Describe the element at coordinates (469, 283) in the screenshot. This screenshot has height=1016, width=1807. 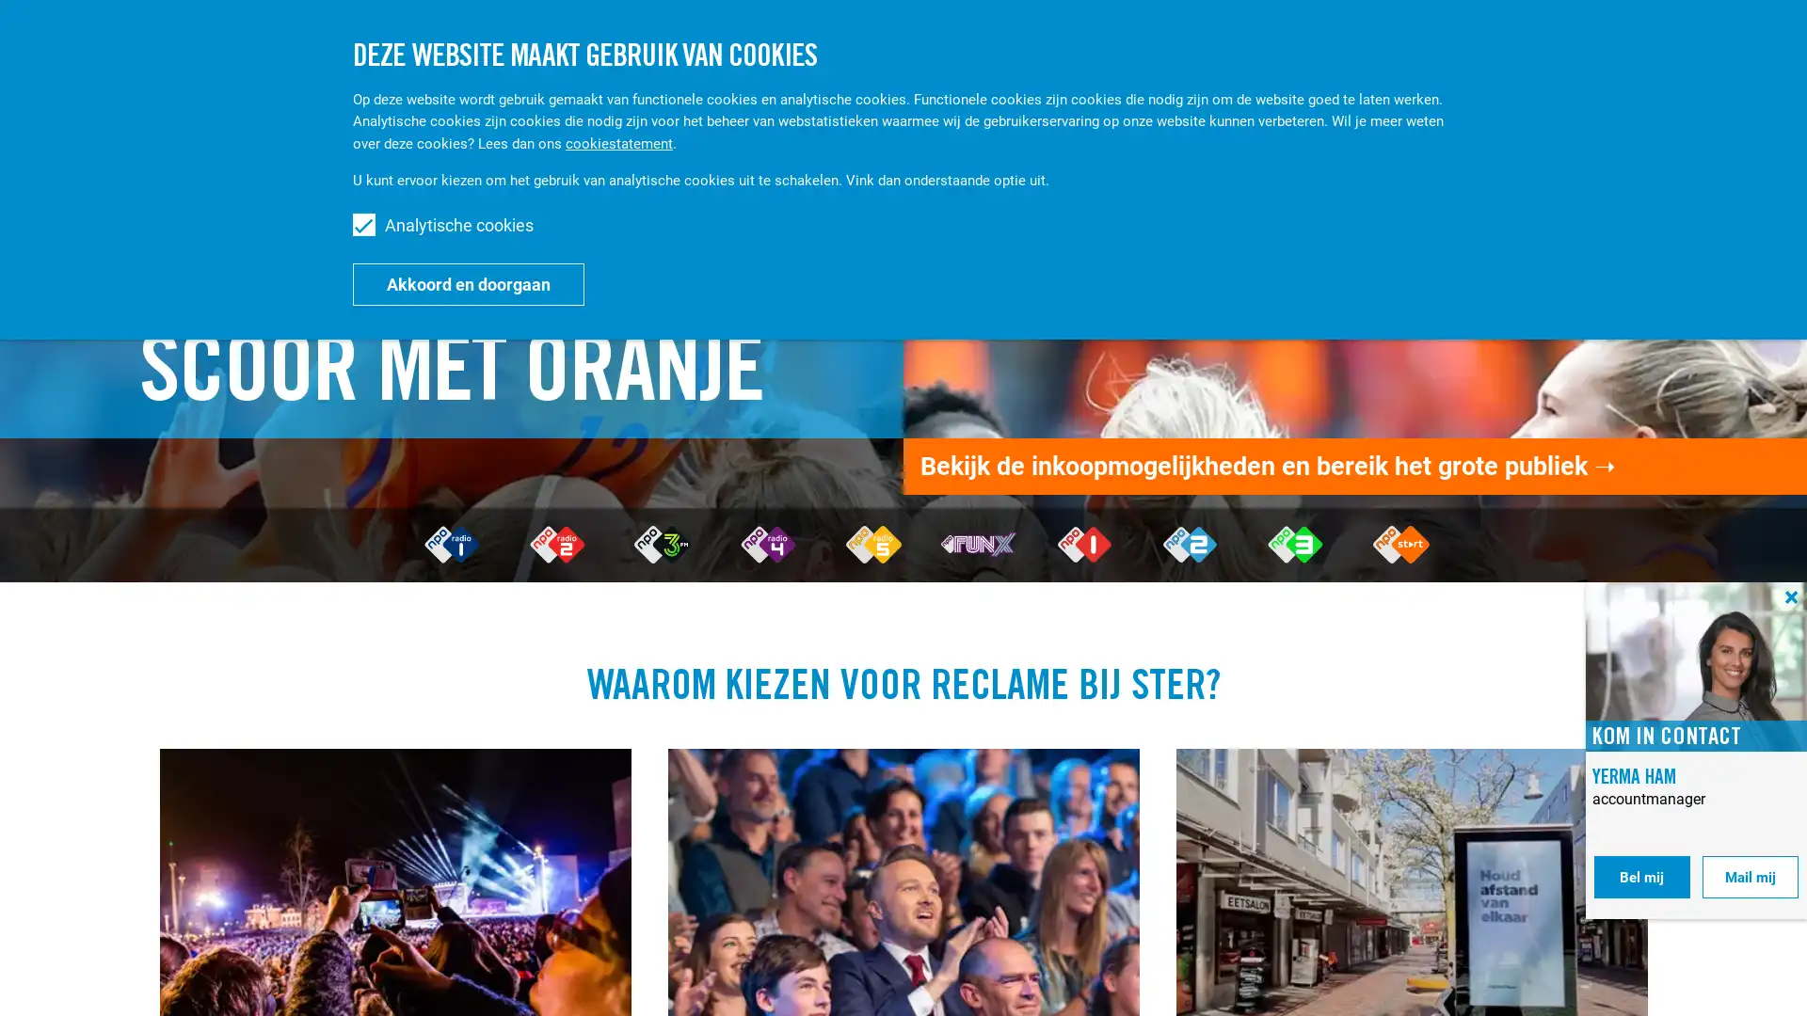
I see `Akkoord en doorgaan` at that location.